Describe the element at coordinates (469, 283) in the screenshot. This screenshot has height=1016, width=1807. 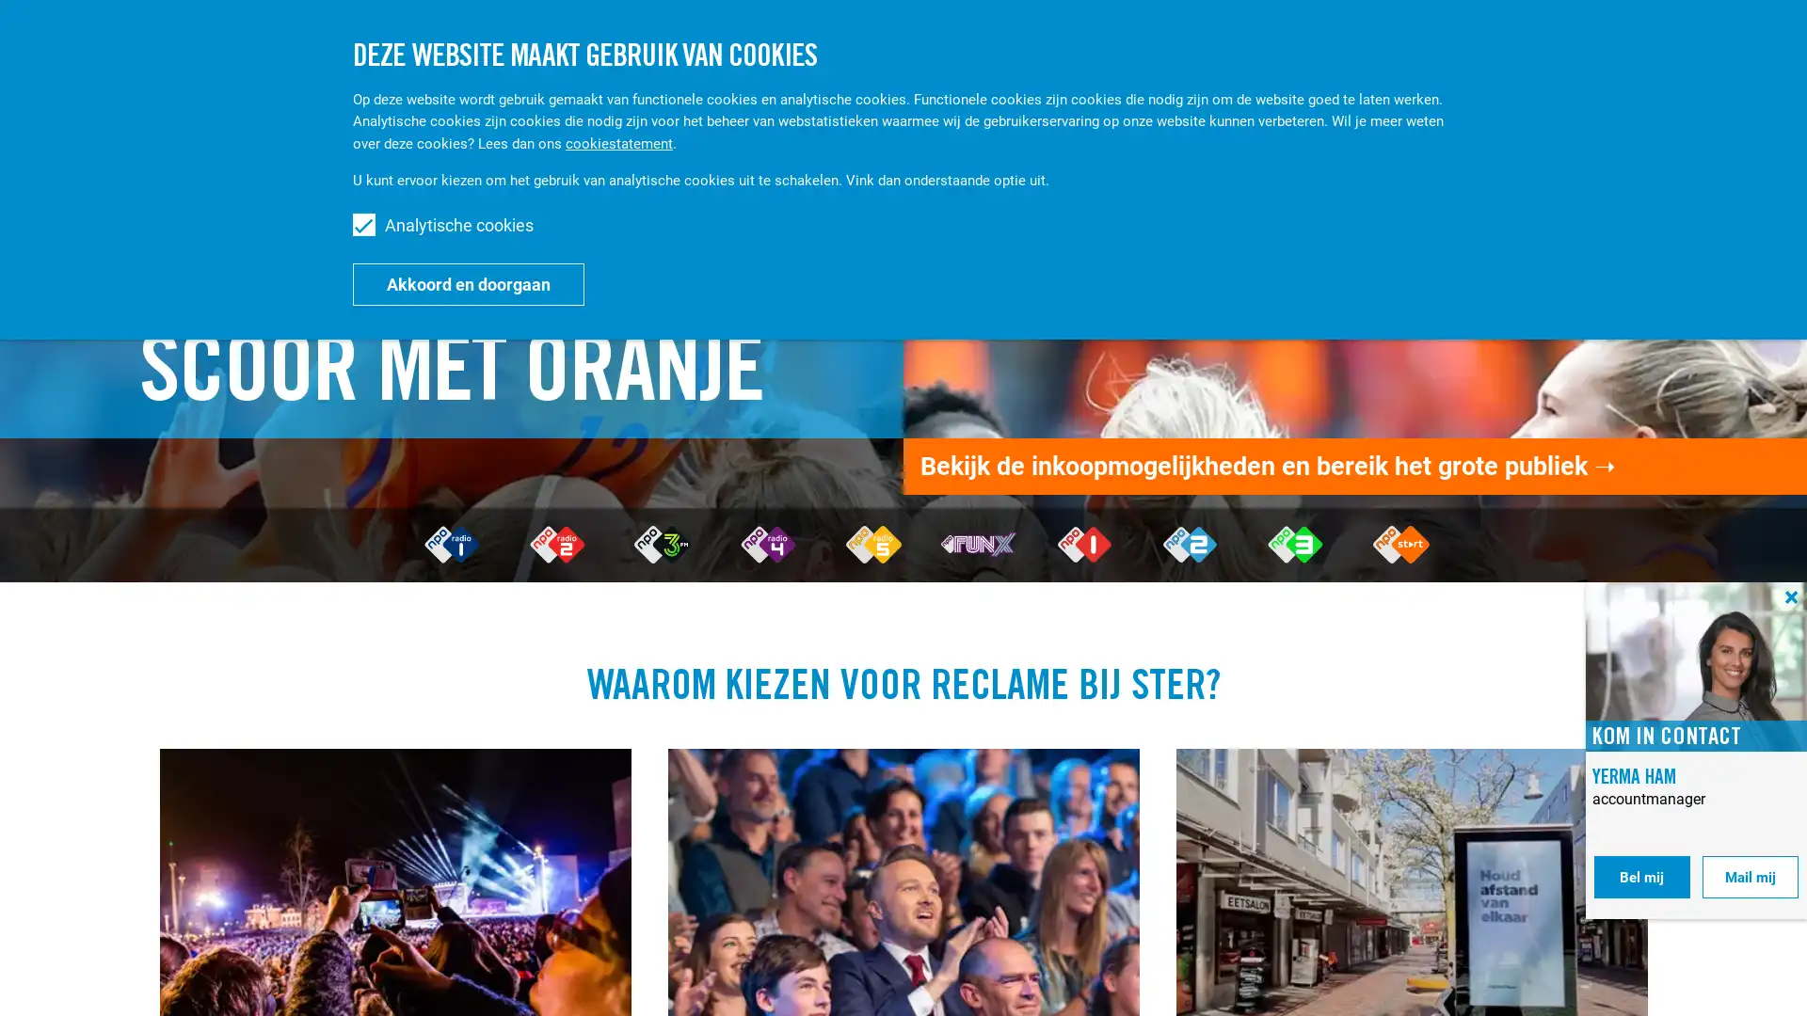
I see `Akkoord en doorgaan` at that location.